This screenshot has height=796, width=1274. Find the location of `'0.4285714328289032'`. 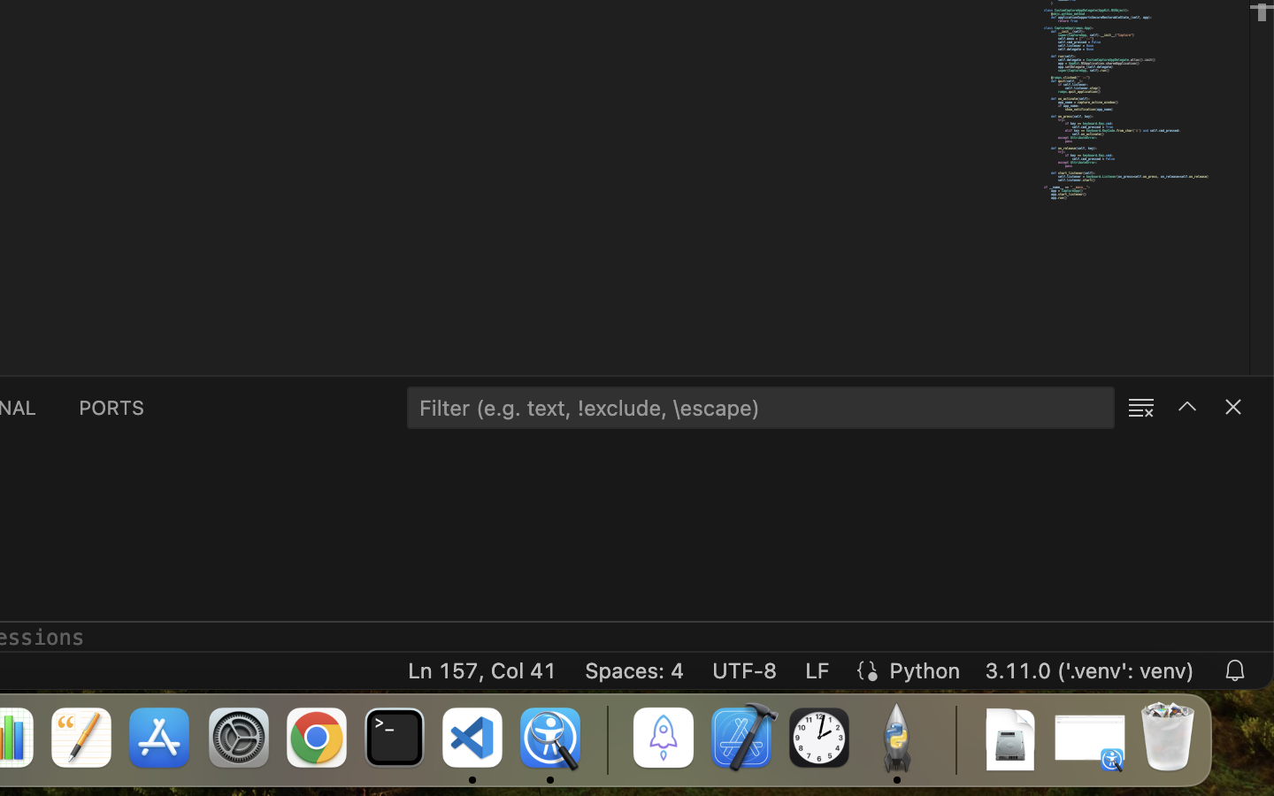

'0.4285714328289032' is located at coordinates (606, 739).